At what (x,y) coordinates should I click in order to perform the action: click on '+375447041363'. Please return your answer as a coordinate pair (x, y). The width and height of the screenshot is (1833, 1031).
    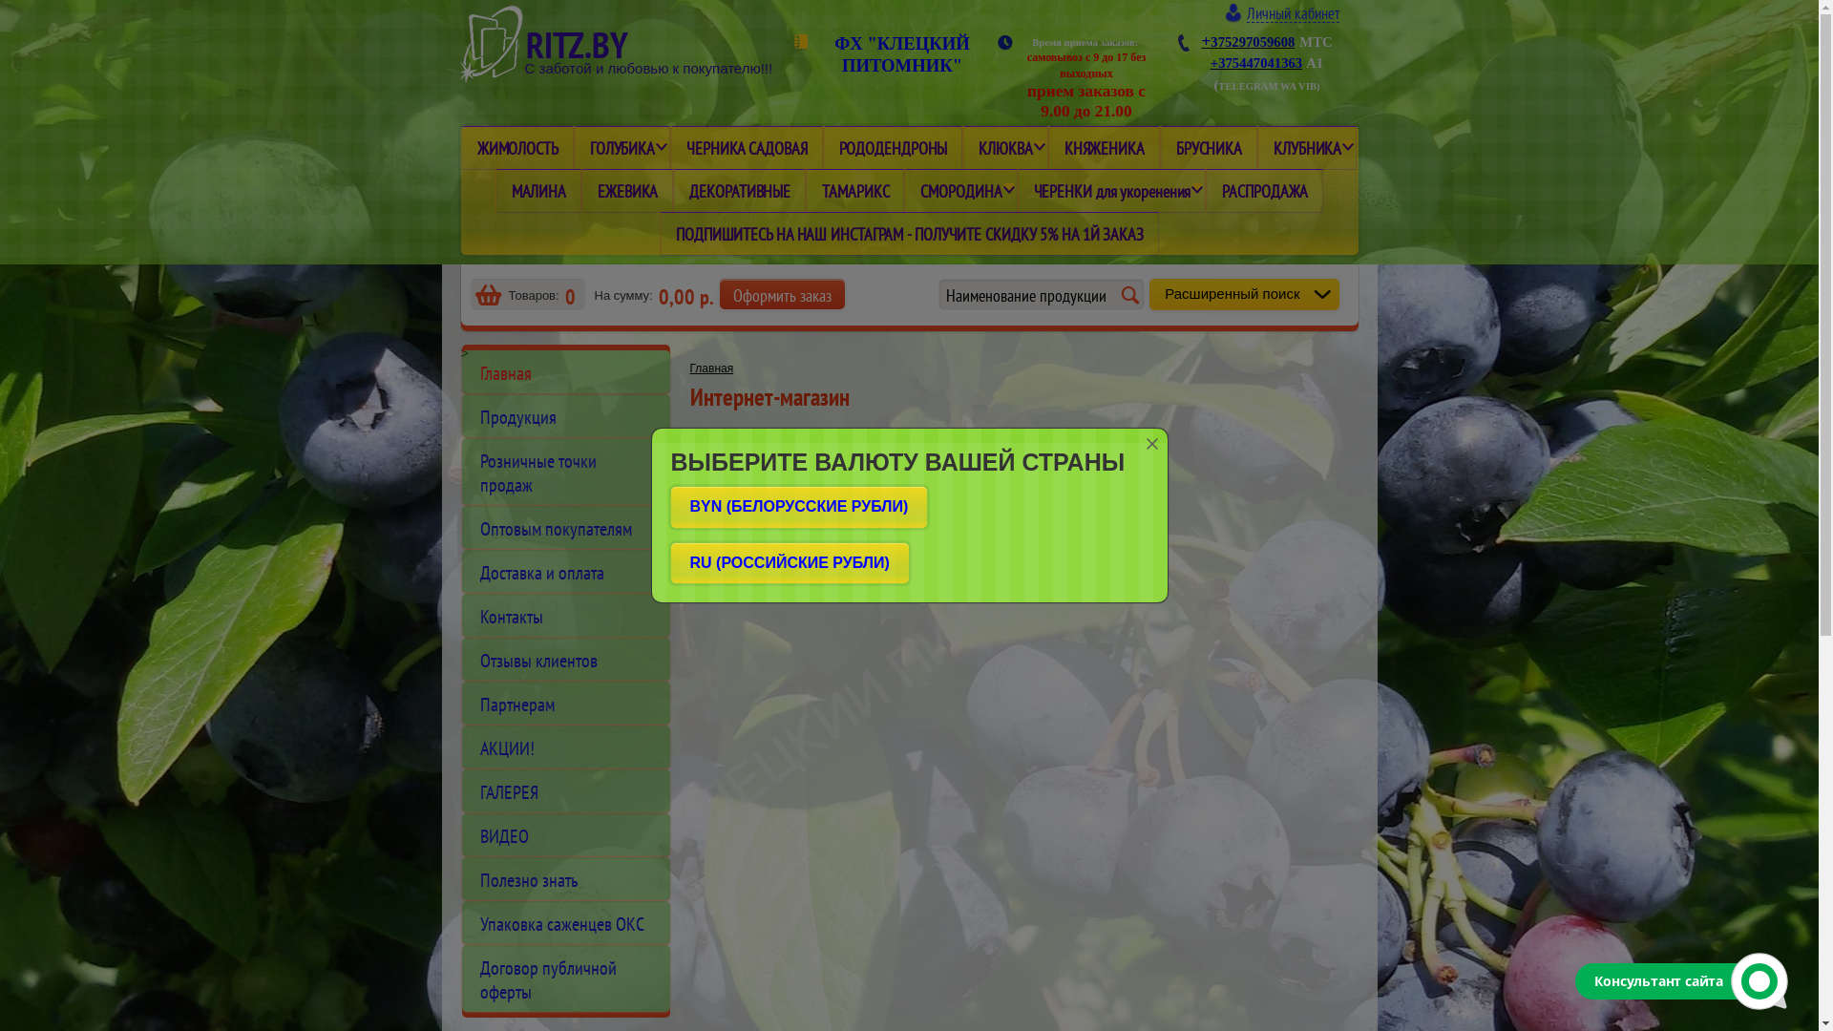
    Looking at the image, I should click on (1255, 61).